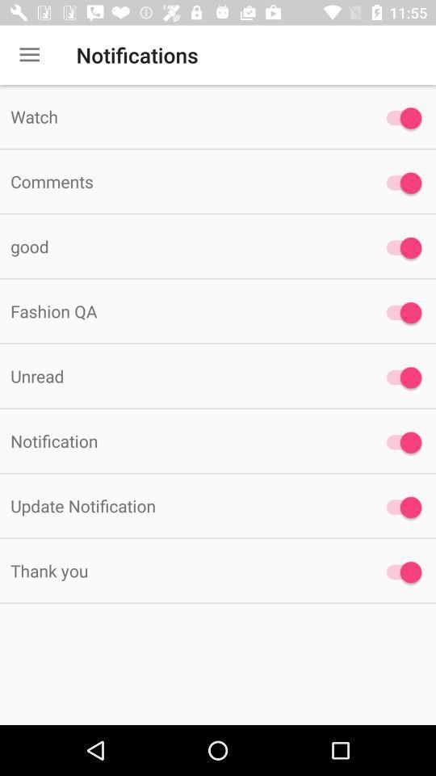 This screenshot has height=776, width=436. What do you see at coordinates (399, 117) in the screenshot?
I see `notification option for watch` at bounding box center [399, 117].